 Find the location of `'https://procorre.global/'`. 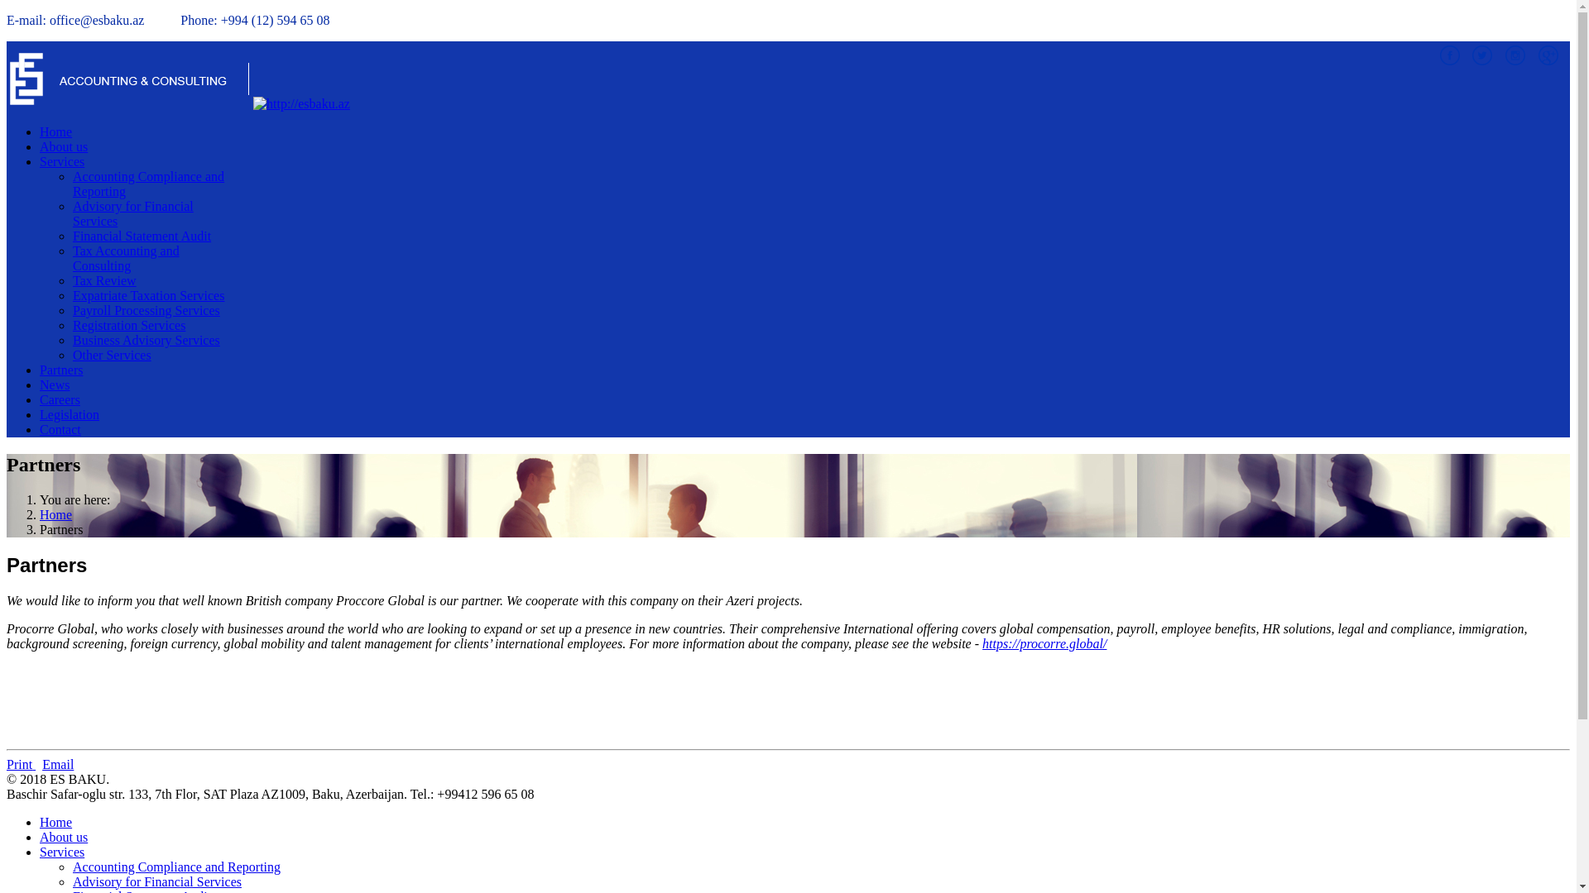

'https://procorre.global/' is located at coordinates (982, 642).